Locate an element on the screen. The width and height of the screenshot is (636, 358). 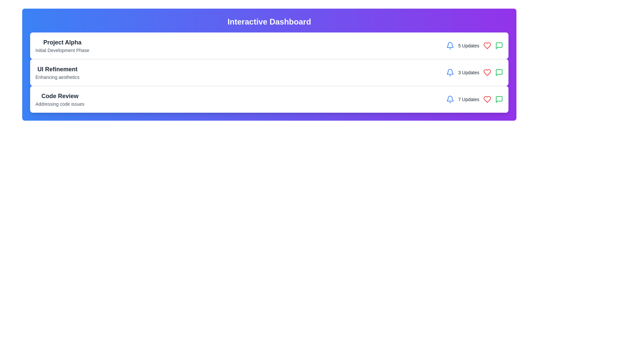
the green comment icon shaped as a speech bubble, located to the far right of the 'UI Refinement' list entry, aligned with the number of updates and the heart icon is located at coordinates (499, 99).